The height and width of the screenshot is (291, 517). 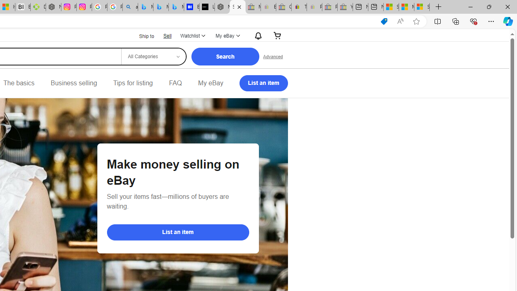 What do you see at coordinates (53, 7) in the screenshot?
I see `'Nordace - Nordace Edin Collection'` at bounding box center [53, 7].